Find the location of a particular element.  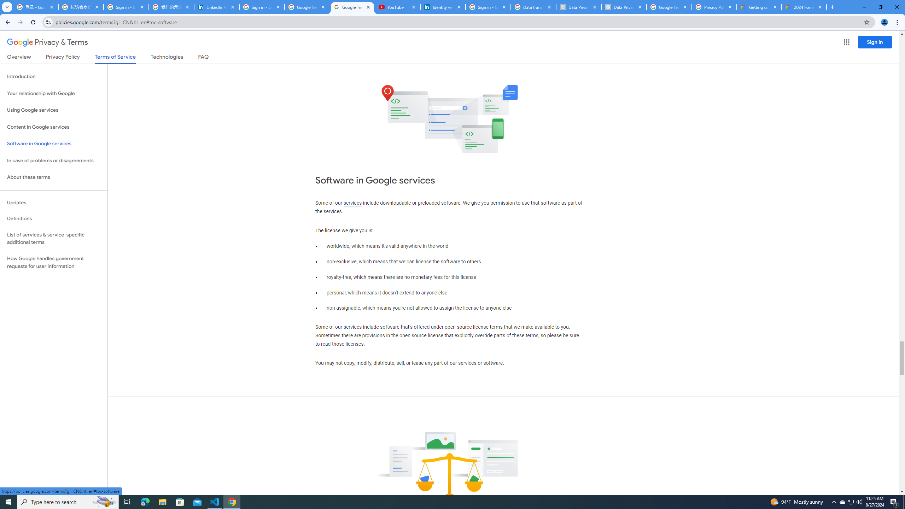

'LinkedIn Privacy Policy' is located at coordinates (216, 7).